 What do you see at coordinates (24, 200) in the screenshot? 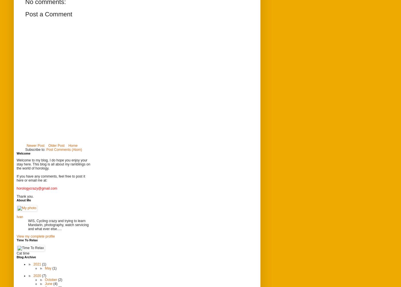
I see `'About Me'` at bounding box center [24, 200].